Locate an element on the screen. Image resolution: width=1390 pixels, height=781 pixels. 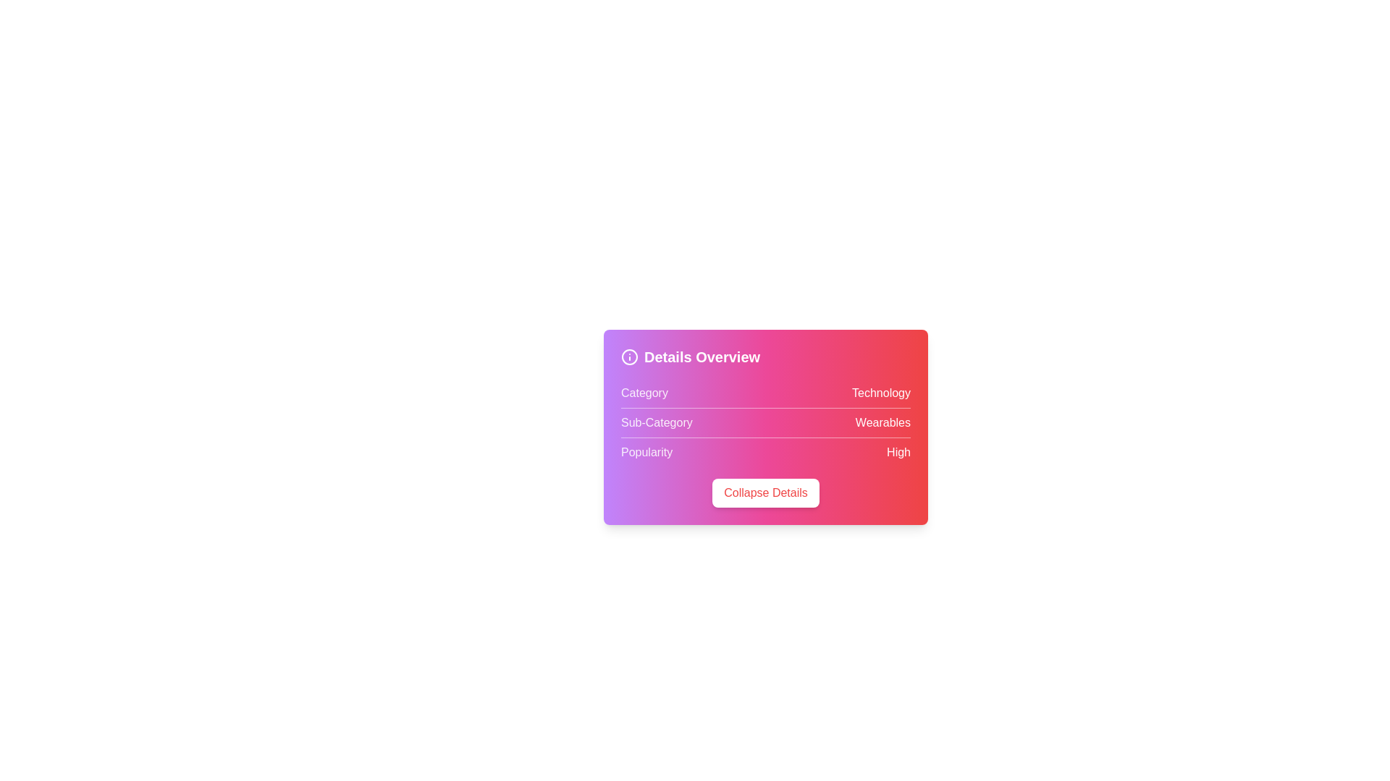
the Static Text Label that signifies the context for the information provided adjacent to the 'High' text element, located in the lower section of the card layout is located at coordinates (646, 451).